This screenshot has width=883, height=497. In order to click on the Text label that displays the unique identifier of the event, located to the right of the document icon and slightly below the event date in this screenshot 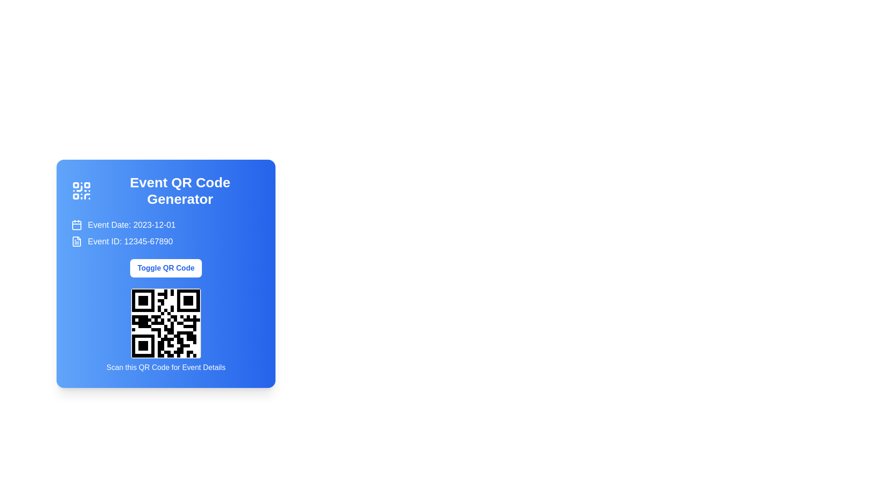, I will do `click(130, 241)`.